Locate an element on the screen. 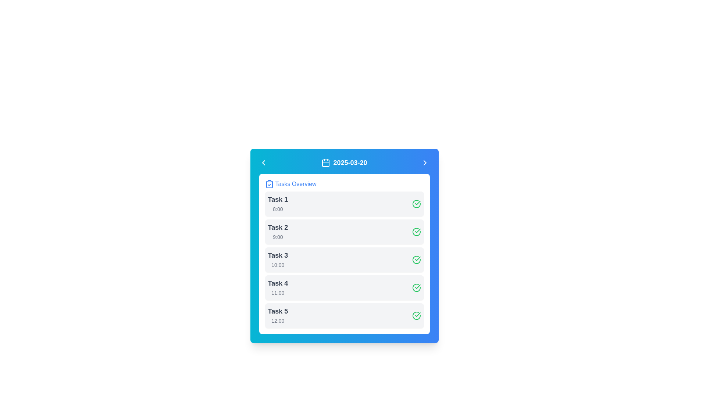 The width and height of the screenshot is (706, 397). the 'Task 2' list item, which has a light gray background and a green checkmark icon is located at coordinates (344, 232).